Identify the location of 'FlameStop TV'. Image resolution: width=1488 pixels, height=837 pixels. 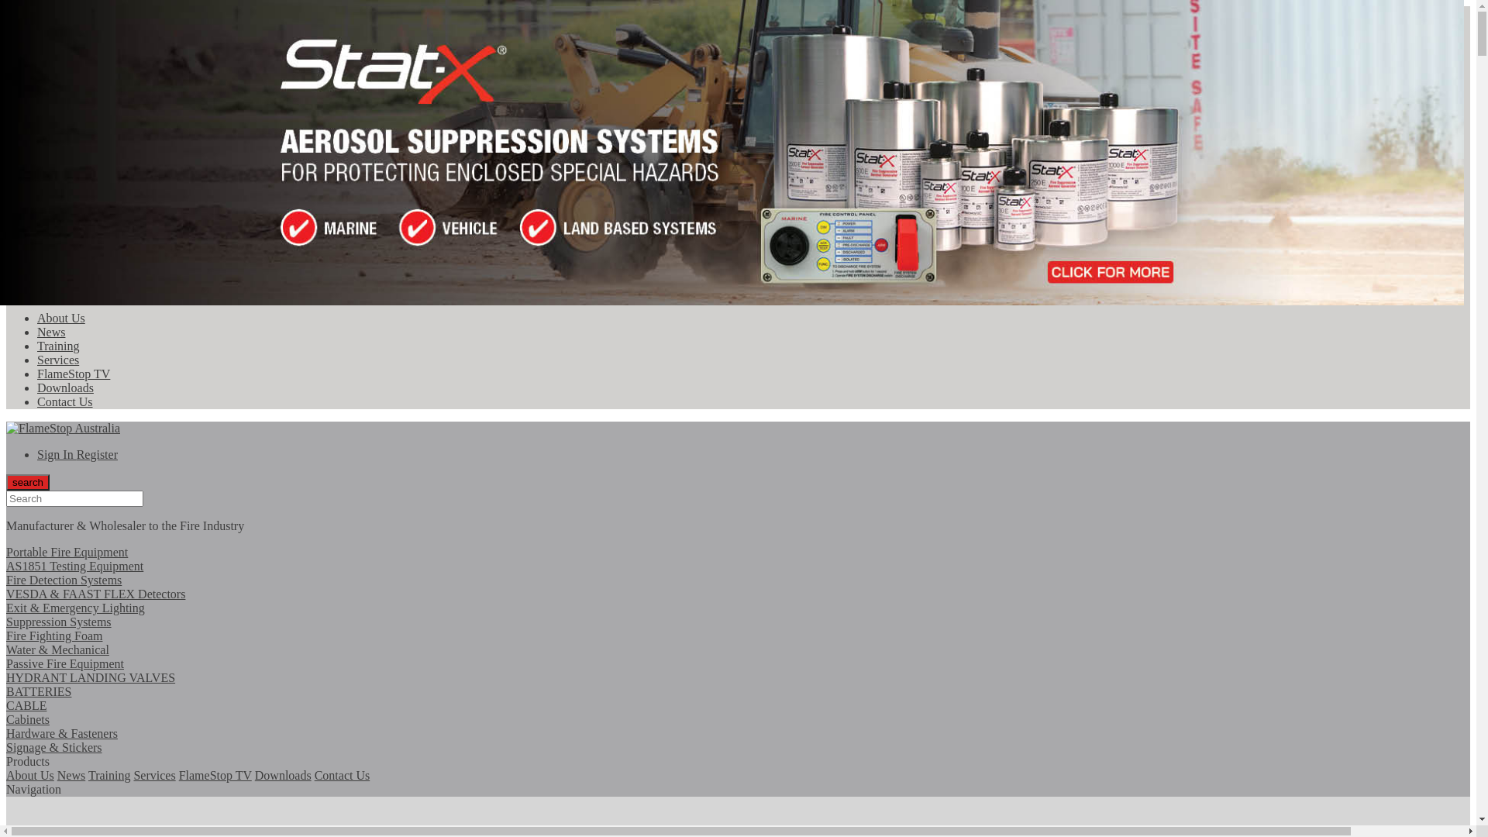
(215, 775).